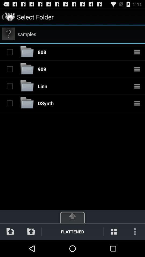 Image resolution: width=145 pixels, height=257 pixels. What do you see at coordinates (73, 216) in the screenshot?
I see `icon above flattened` at bounding box center [73, 216].